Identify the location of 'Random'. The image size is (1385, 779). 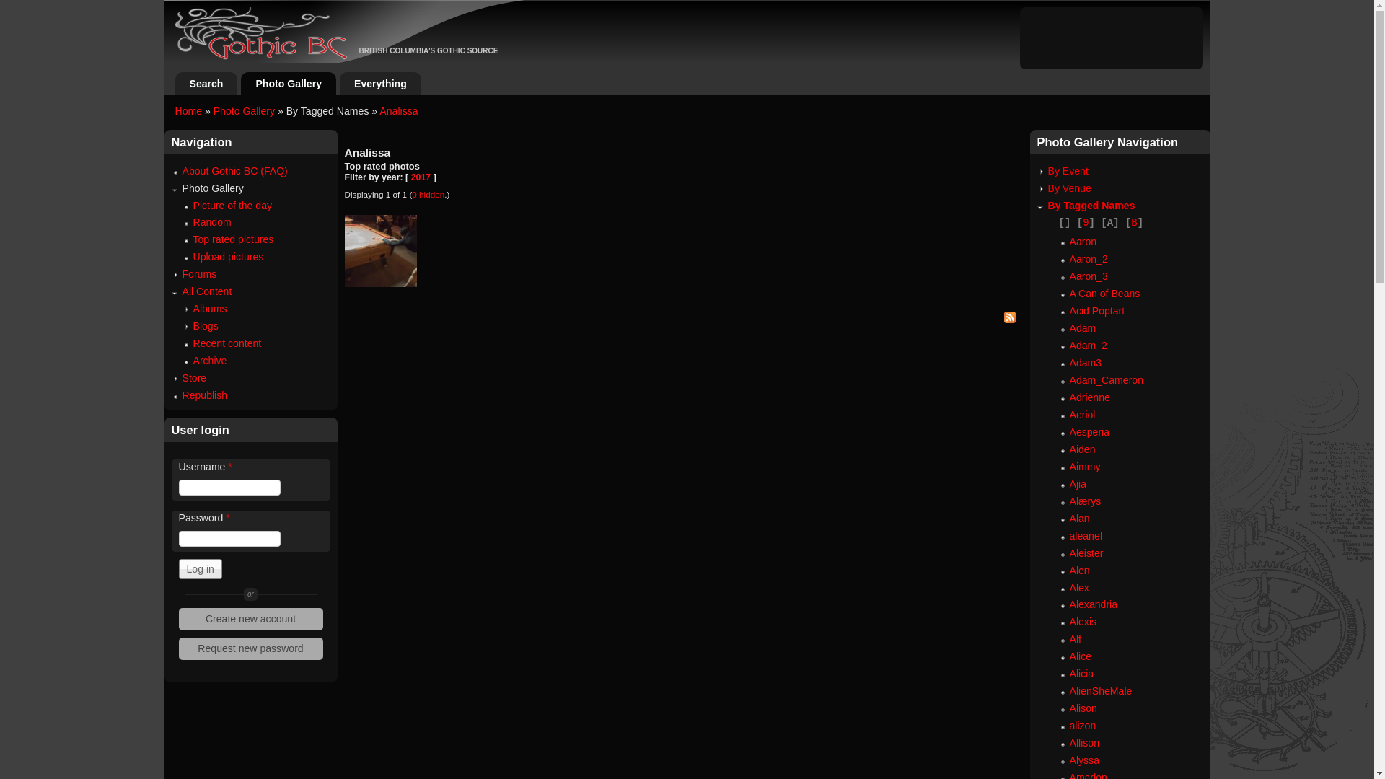
(211, 222).